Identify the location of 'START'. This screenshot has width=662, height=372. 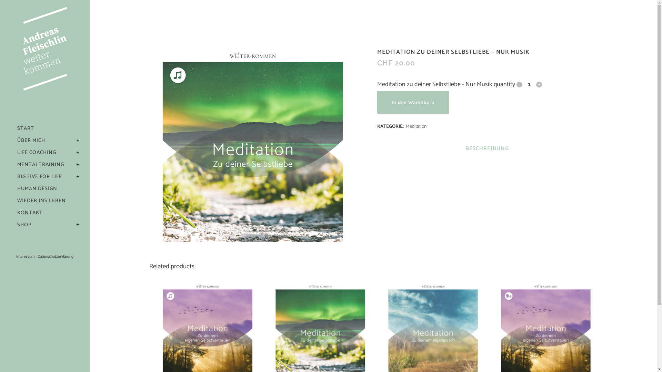
(17, 128).